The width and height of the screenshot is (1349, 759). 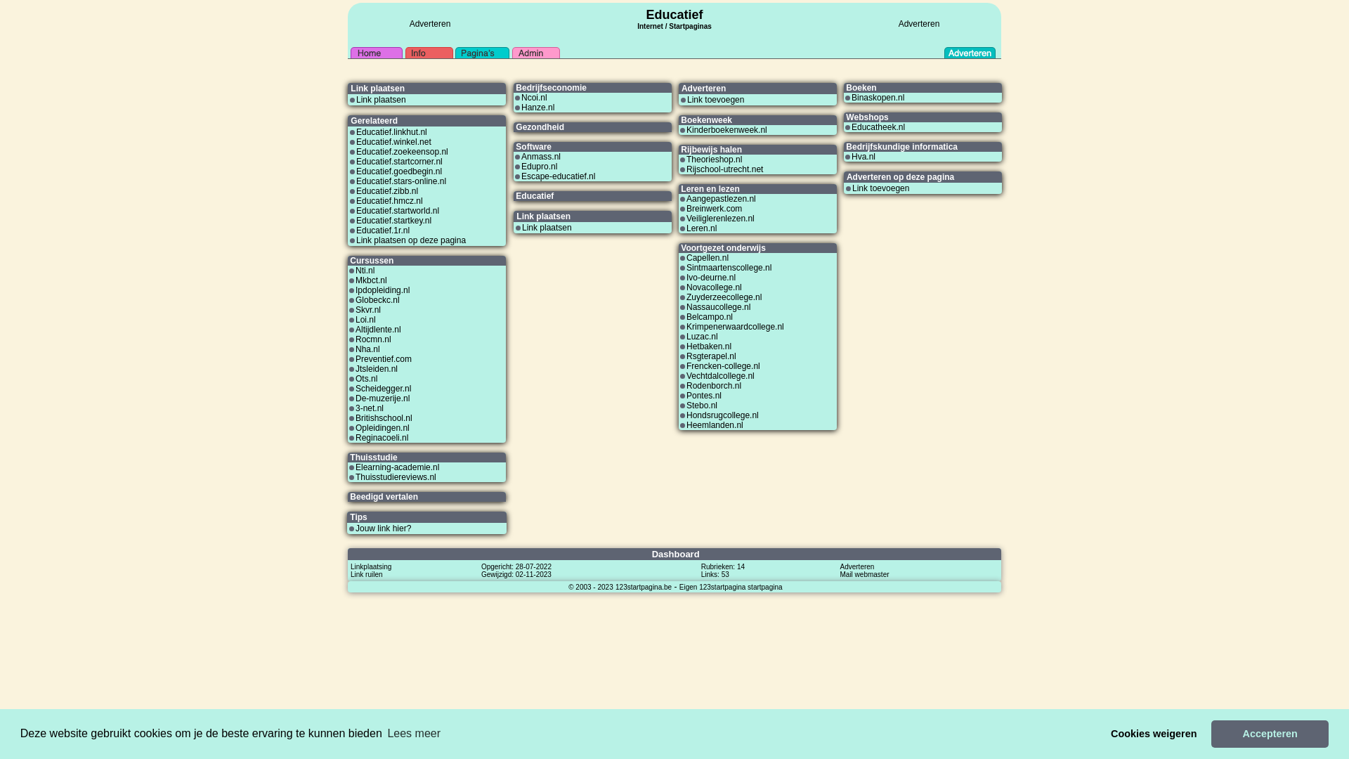 I want to click on 'Linkplaatsing', so click(x=371, y=566).